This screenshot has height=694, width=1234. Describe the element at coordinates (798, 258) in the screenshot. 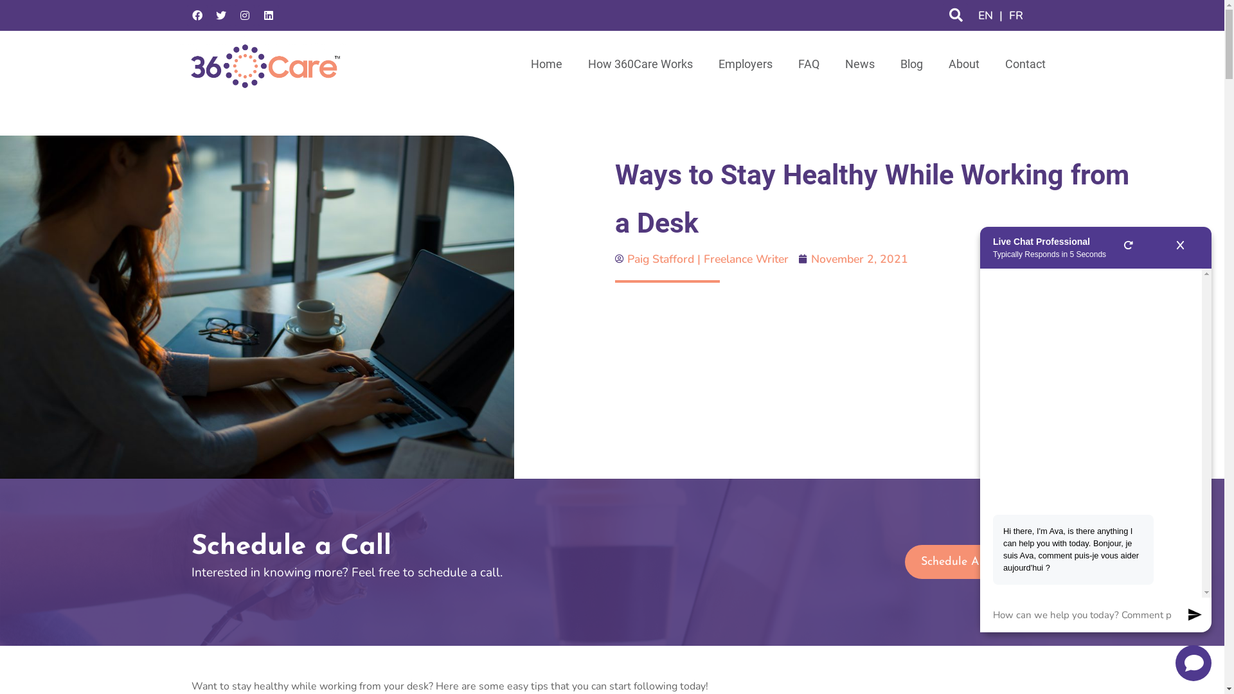

I see `'November 2, 2021'` at that location.